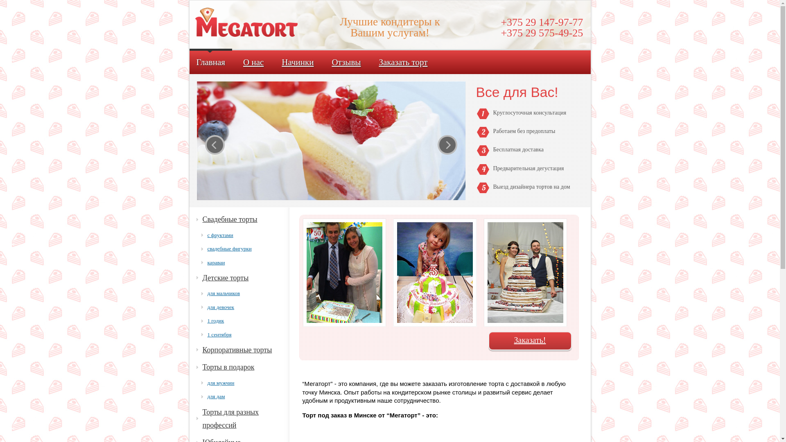 Image resolution: width=786 pixels, height=442 pixels. Describe the element at coordinates (214, 144) in the screenshot. I see `'prev'` at that location.